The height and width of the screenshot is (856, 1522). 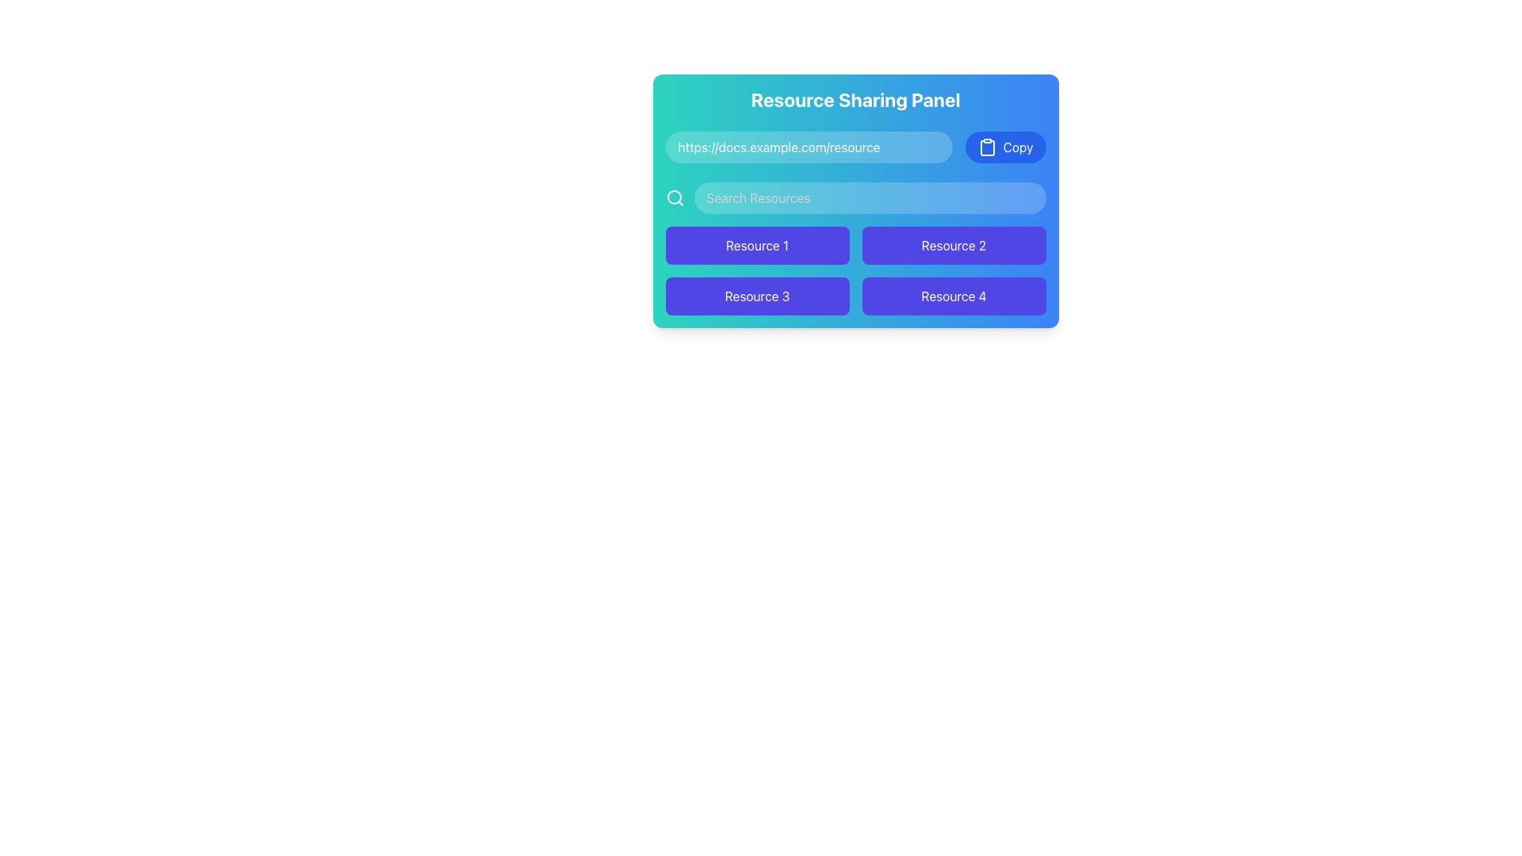 What do you see at coordinates (808, 147) in the screenshot?
I see `the read-only text input field displaying the URL 'https://docs.example.com/resource' to focus on it` at bounding box center [808, 147].